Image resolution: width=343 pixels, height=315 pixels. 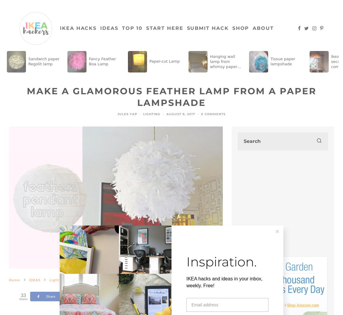 What do you see at coordinates (26, 96) in the screenshot?
I see `'Make a glamorous feather lamp from a paper lampshade'` at bounding box center [26, 96].